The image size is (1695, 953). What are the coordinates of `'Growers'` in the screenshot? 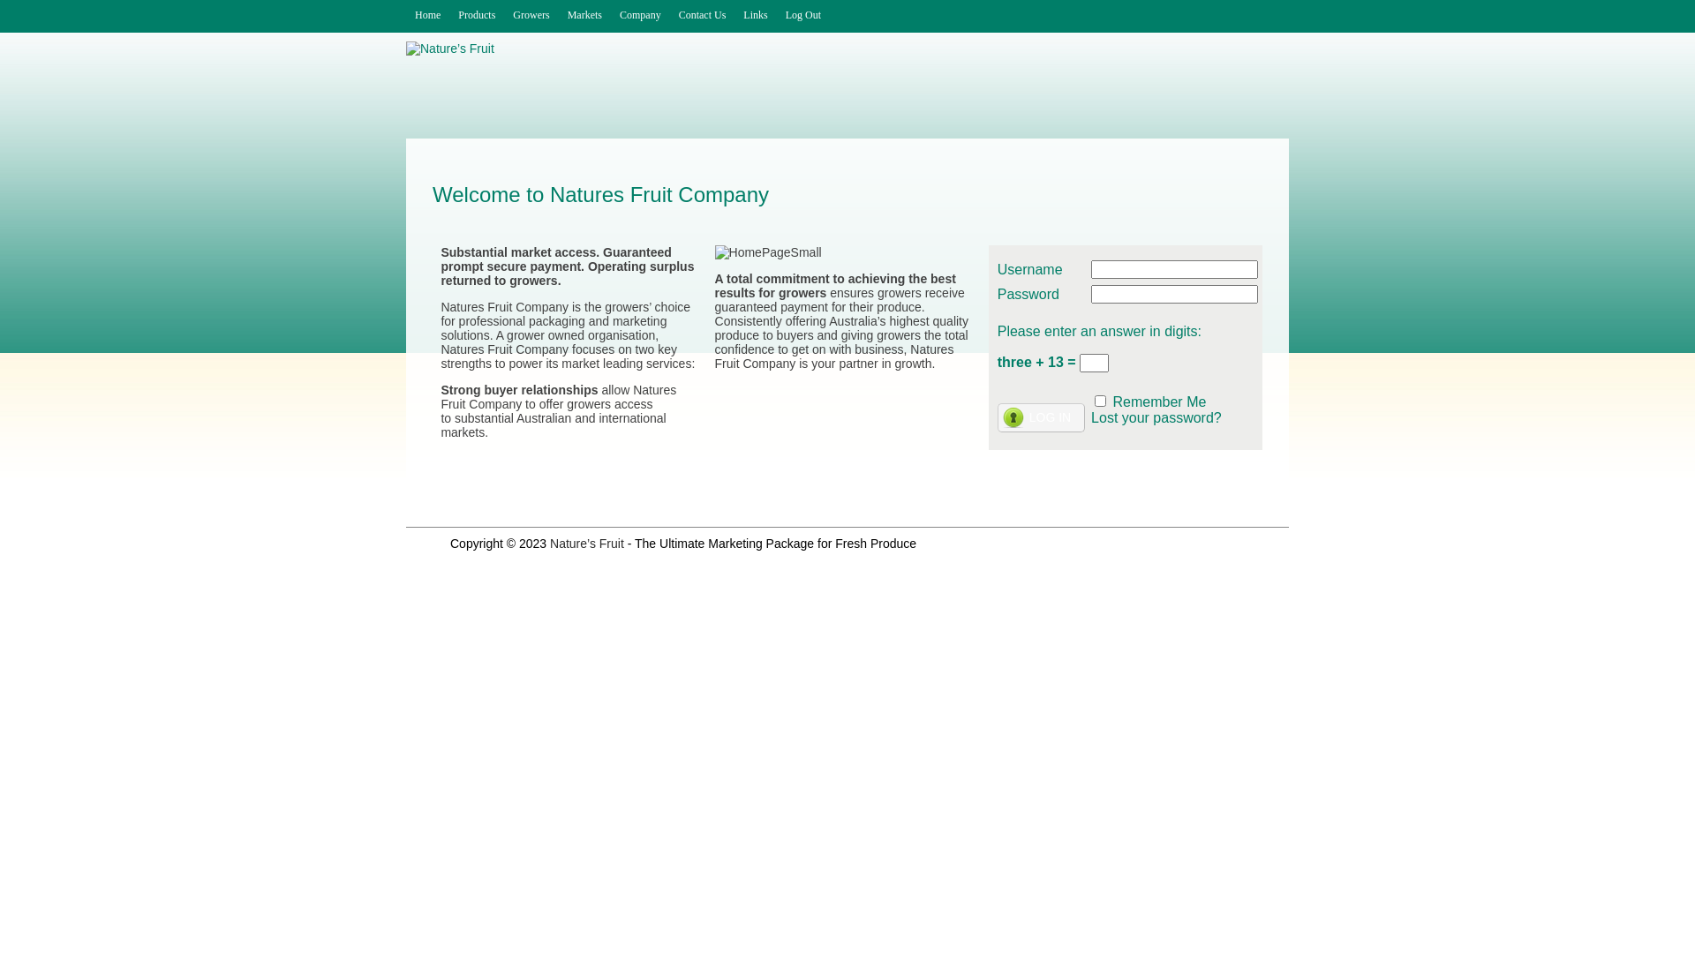 It's located at (530, 15).